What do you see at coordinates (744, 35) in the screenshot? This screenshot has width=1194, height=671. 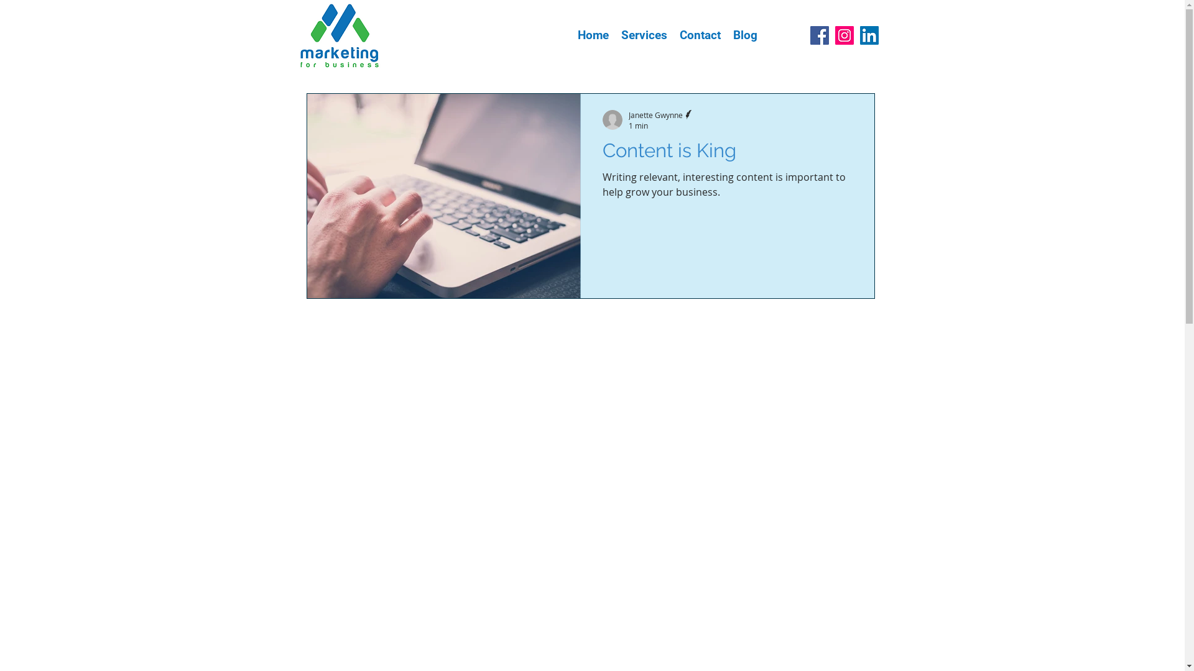 I see `'Blog'` at bounding box center [744, 35].